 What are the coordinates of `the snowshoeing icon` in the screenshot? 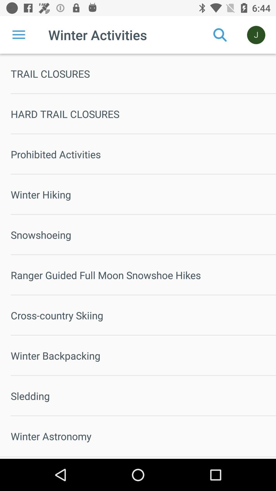 It's located at (143, 235).